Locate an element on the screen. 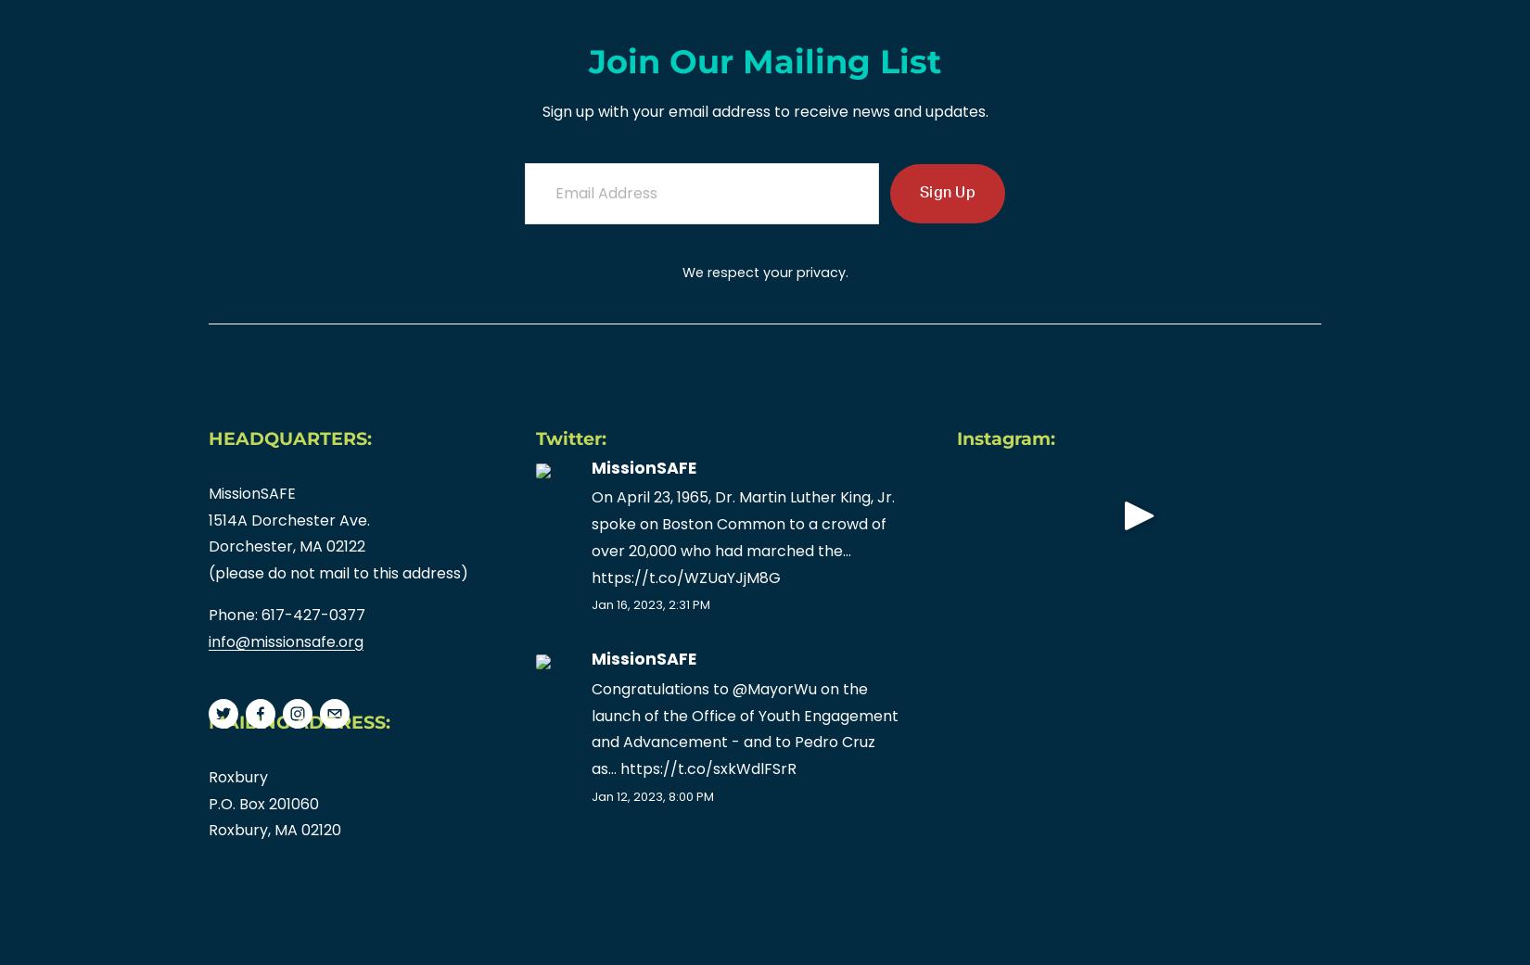 The width and height of the screenshot is (1530, 965). 'P.O. Box 201060' is located at coordinates (209, 802).